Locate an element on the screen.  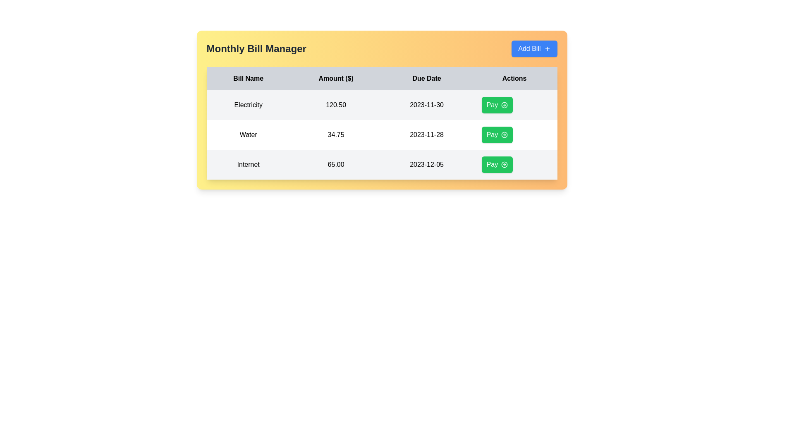
the 'Due Date' column header in the table, which is the third header positioned between 'Amount ($)' and 'Actions' is located at coordinates (427, 78).